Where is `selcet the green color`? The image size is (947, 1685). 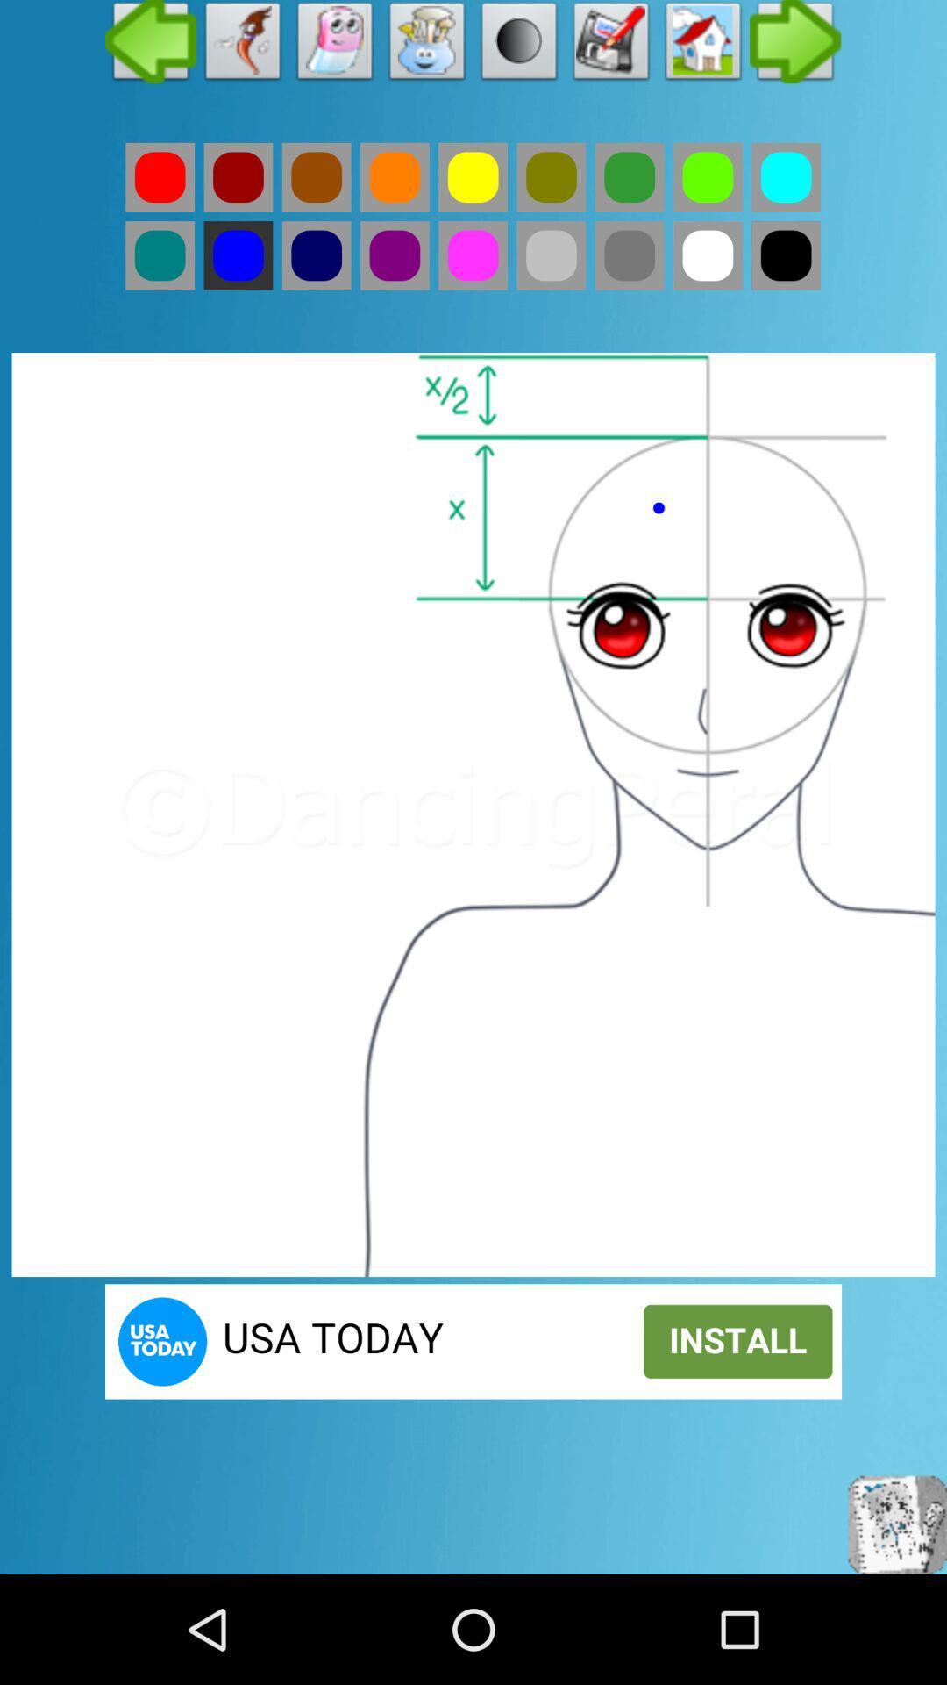
selcet the green color is located at coordinates (160, 255).